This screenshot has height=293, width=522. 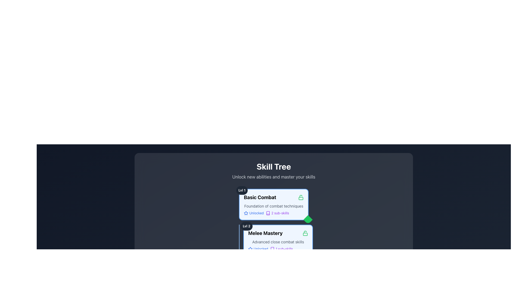 I want to click on the bold text label displaying 'Basic Combat', so click(x=260, y=198).